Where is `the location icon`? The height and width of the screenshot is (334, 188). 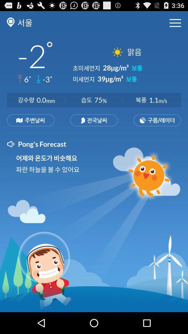 the location icon is located at coordinates (8, 21).